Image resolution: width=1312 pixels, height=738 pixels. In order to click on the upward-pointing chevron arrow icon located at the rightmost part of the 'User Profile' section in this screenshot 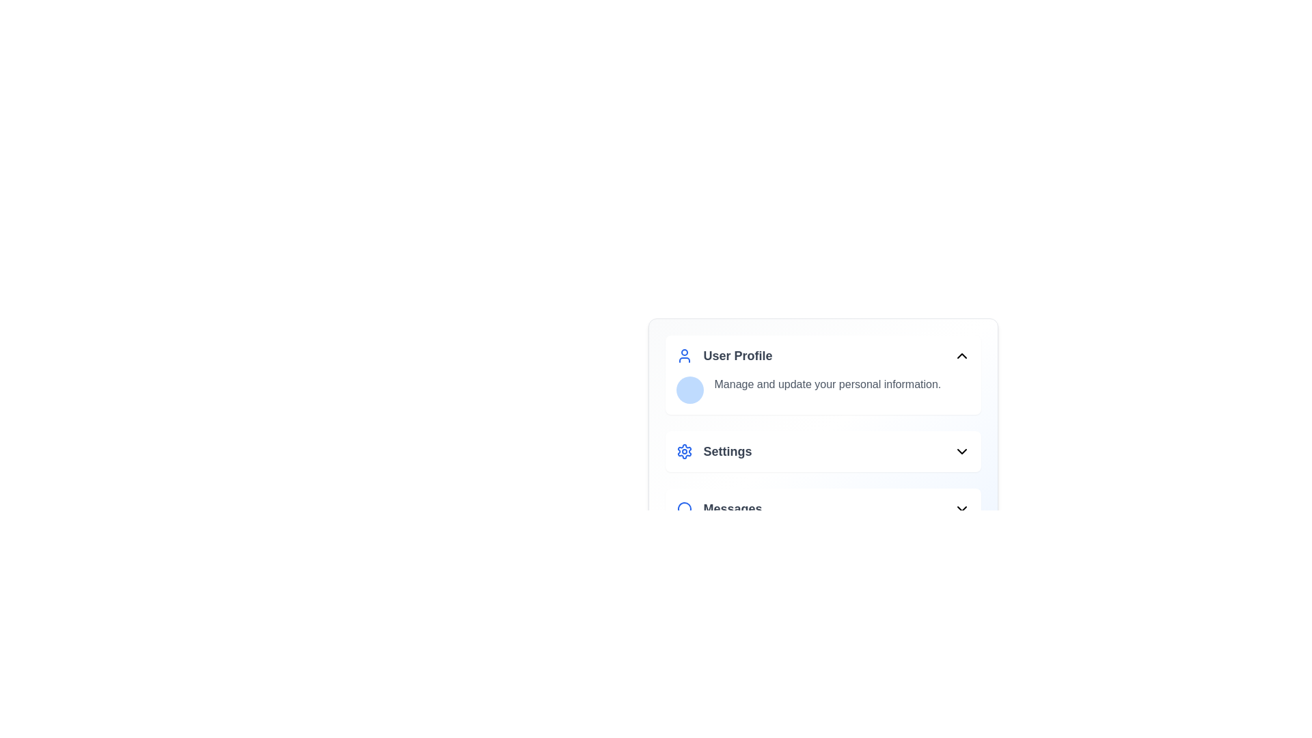, I will do `click(961, 355)`.